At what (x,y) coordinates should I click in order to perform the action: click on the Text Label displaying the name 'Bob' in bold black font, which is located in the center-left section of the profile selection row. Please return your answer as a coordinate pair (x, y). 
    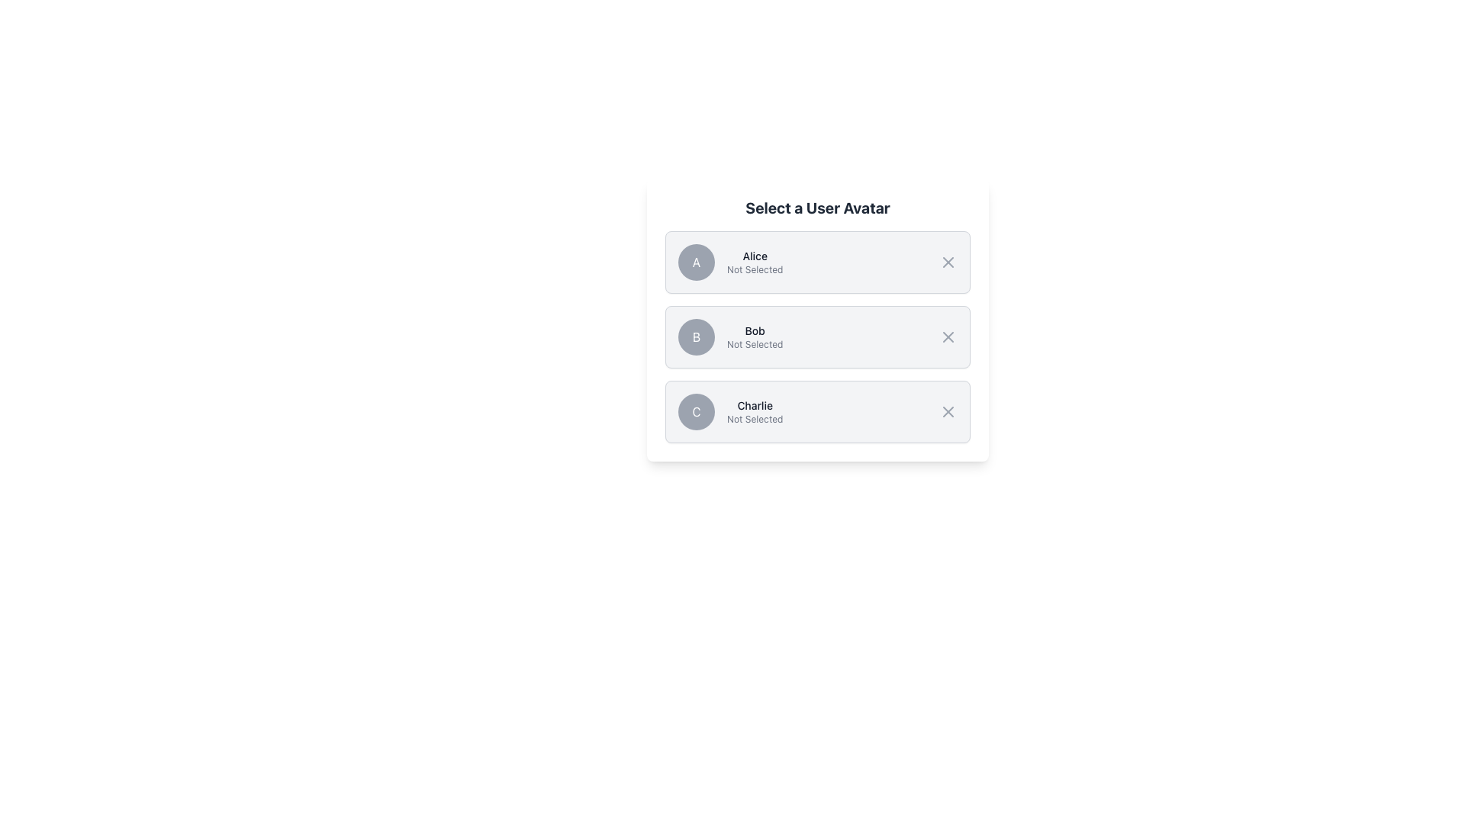
    Looking at the image, I should click on (755, 330).